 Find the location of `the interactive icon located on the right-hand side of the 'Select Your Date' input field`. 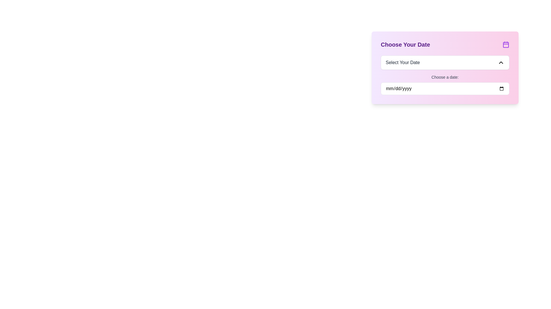

the interactive icon located on the right-hand side of the 'Select Your Date' input field is located at coordinates (501, 63).